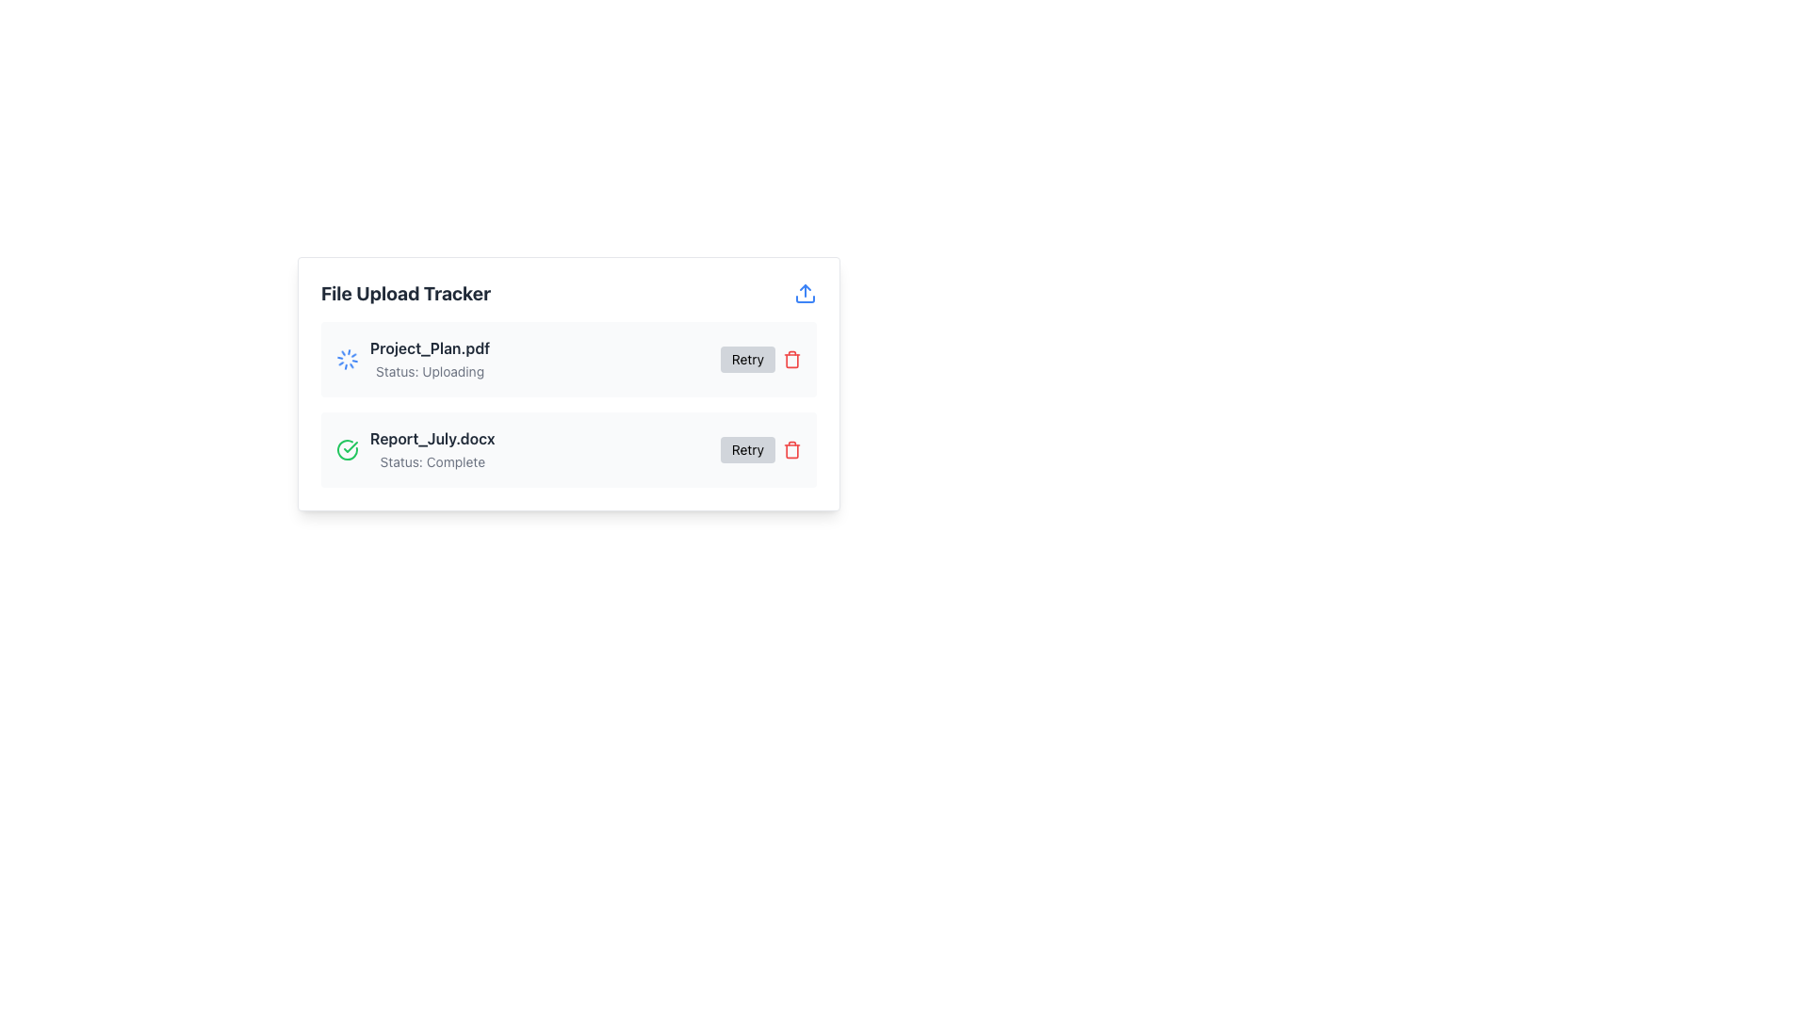 The height and width of the screenshot is (1017, 1809). What do you see at coordinates (760, 450) in the screenshot?
I see `the retry button located to the right of the 'Report_July.docx' file in the 'File Upload Tracker' interface to observe the hover effect` at bounding box center [760, 450].